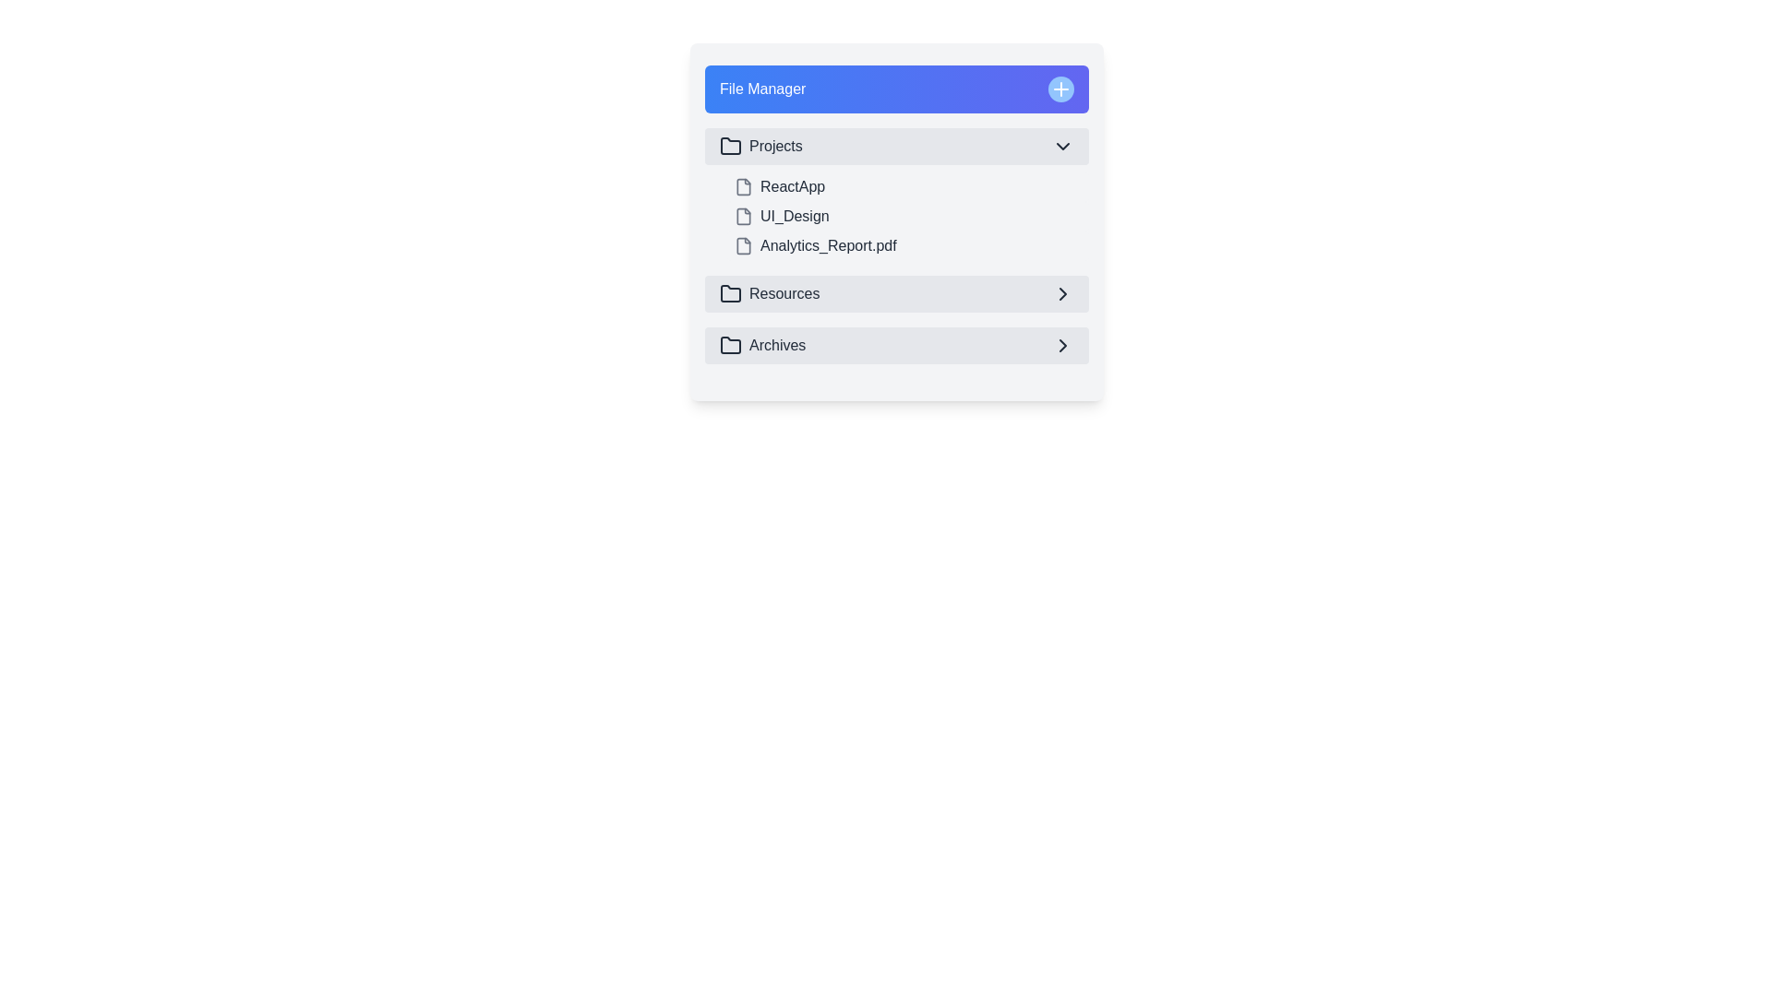 Image resolution: width=1772 pixels, height=996 pixels. Describe the element at coordinates (744, 187) in the screenshot. I see `the small, square-shaped icon resembling a sheet of paper with a folded corner, located directly to the left of the 'ReactApp' text` at that location.